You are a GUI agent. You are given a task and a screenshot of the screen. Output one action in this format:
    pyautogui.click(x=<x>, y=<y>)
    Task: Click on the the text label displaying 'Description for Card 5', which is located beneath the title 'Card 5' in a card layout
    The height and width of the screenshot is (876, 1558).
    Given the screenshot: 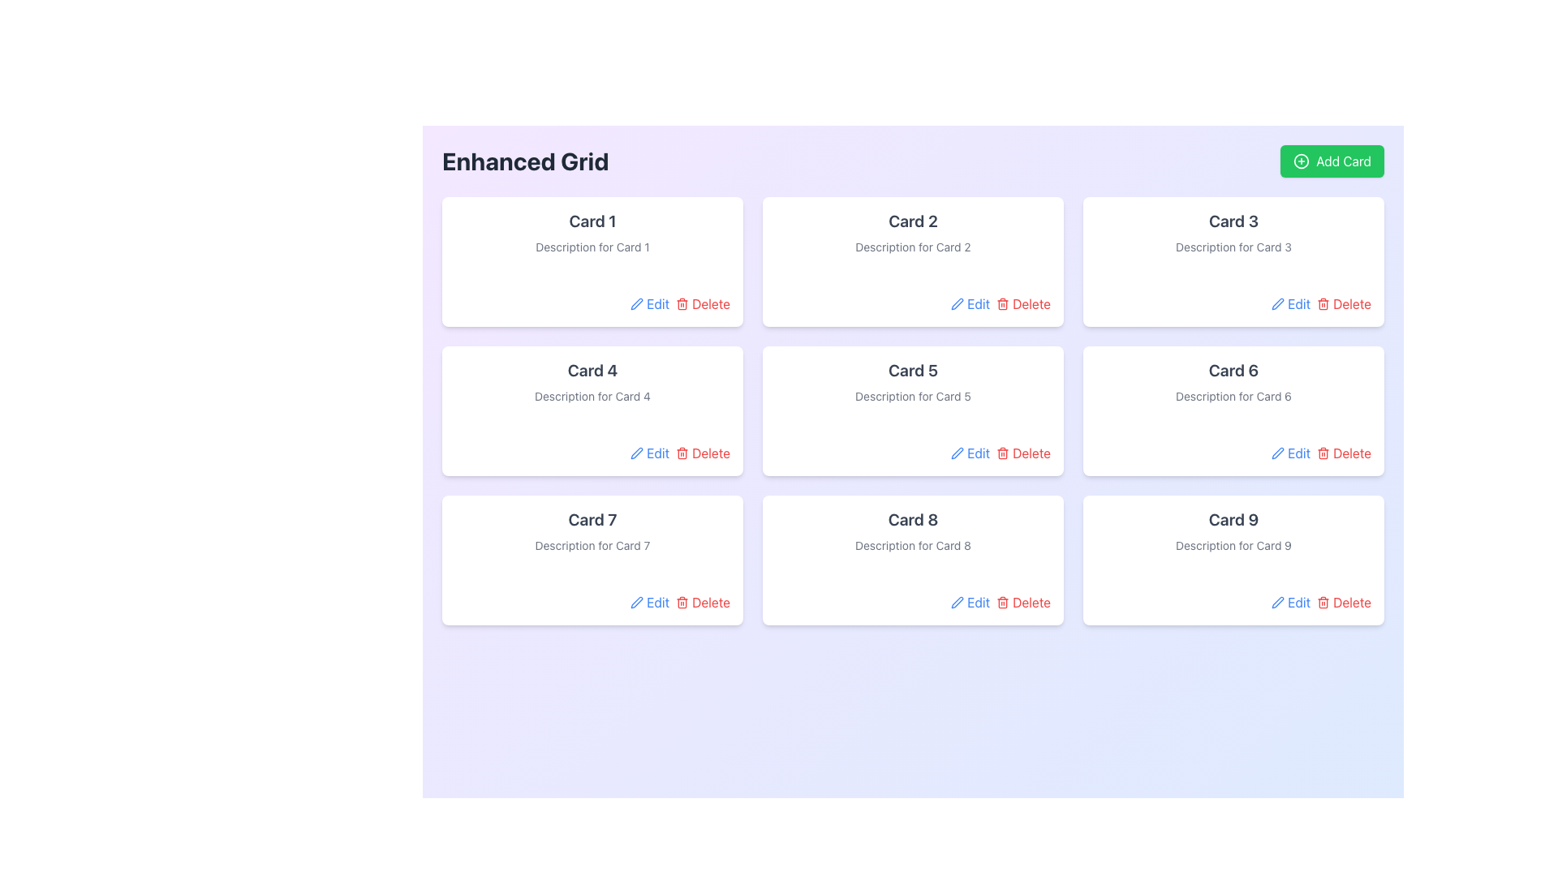 What is the action you would take?
    pyautogui.click(x=913, y=397)
    